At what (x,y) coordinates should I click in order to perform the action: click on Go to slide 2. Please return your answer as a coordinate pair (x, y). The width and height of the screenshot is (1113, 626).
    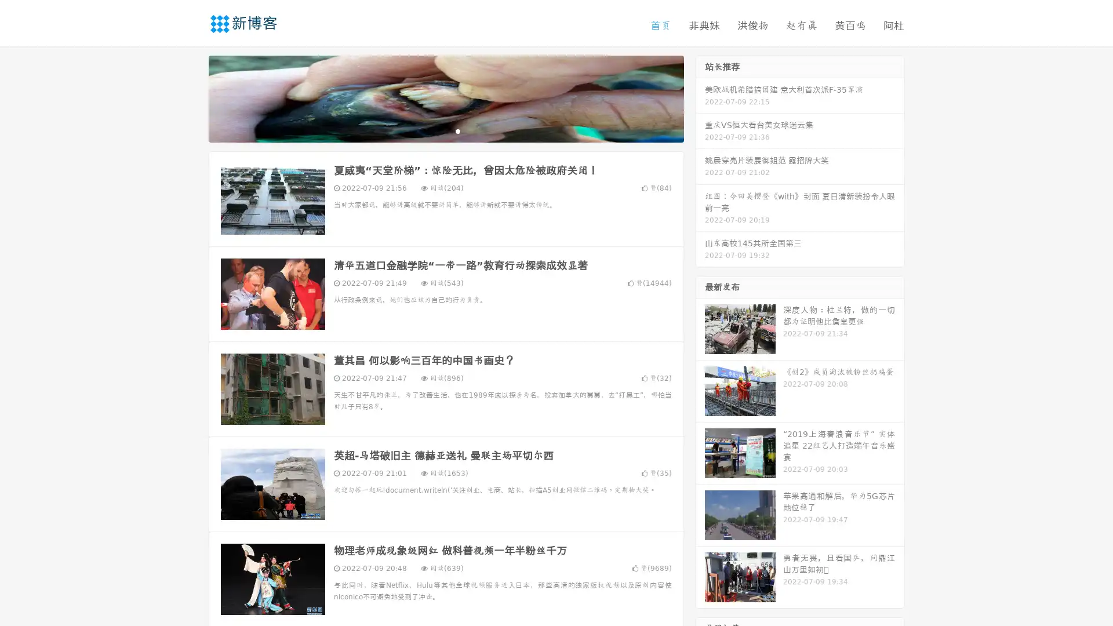
    Looking at the image, I should click on (445, 130).